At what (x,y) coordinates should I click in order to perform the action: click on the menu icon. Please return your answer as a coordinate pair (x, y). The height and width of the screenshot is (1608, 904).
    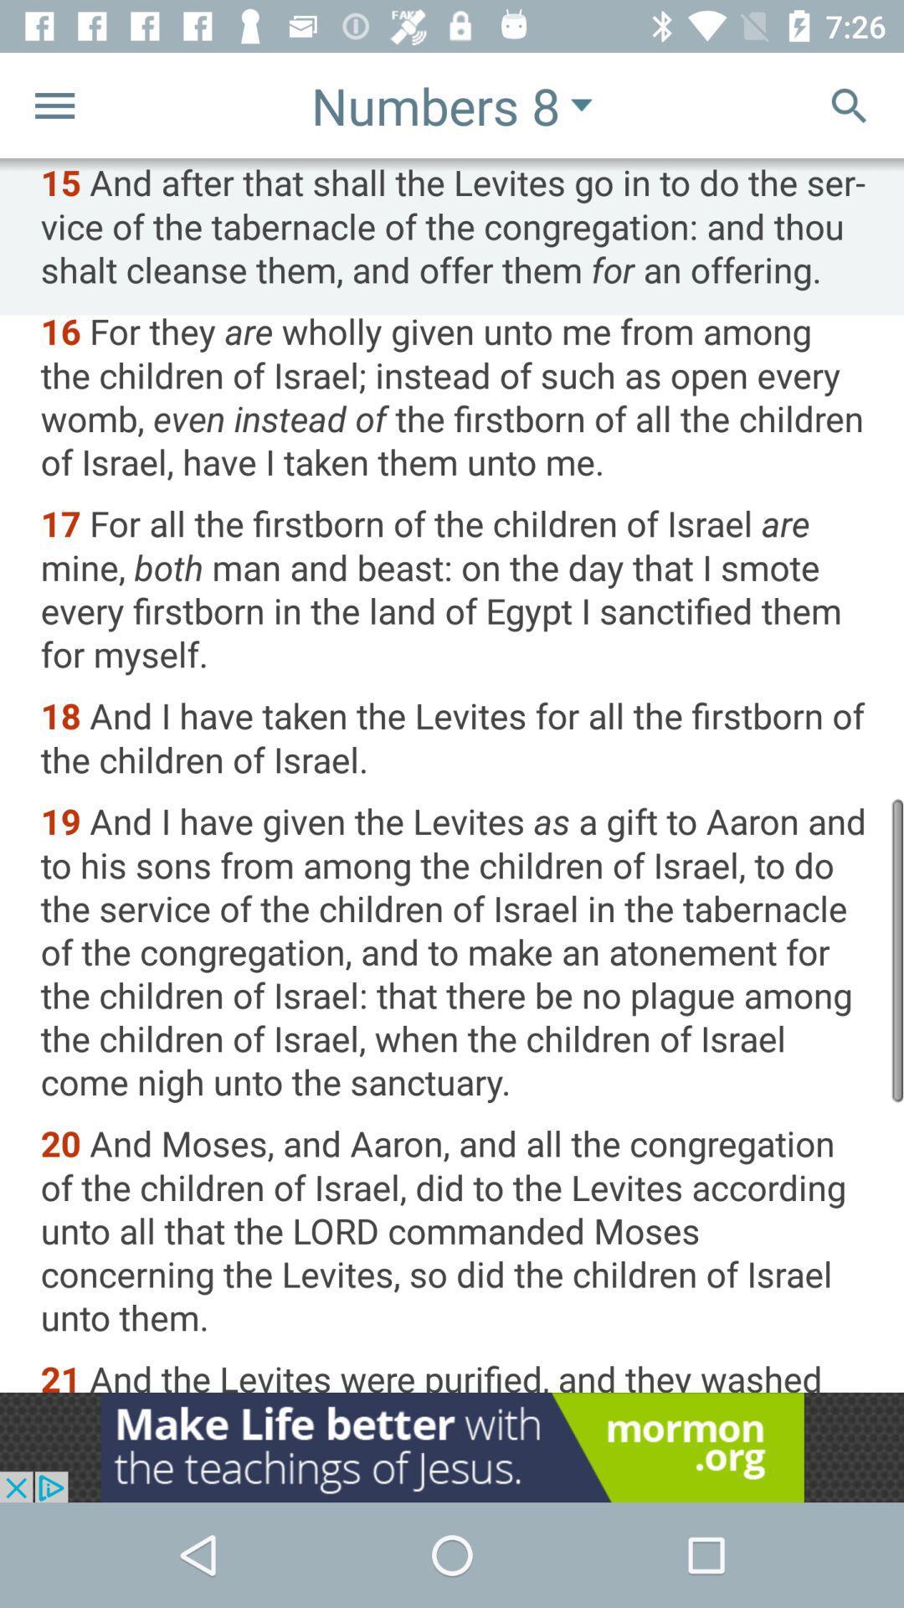
    Looking at the image, I should click on (54, 104).